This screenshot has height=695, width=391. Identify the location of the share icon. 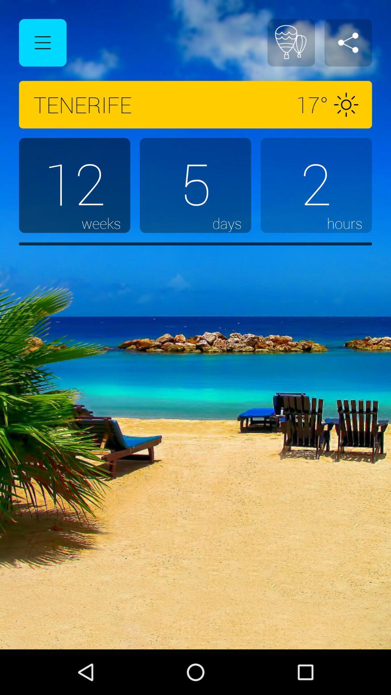
(348, 42).